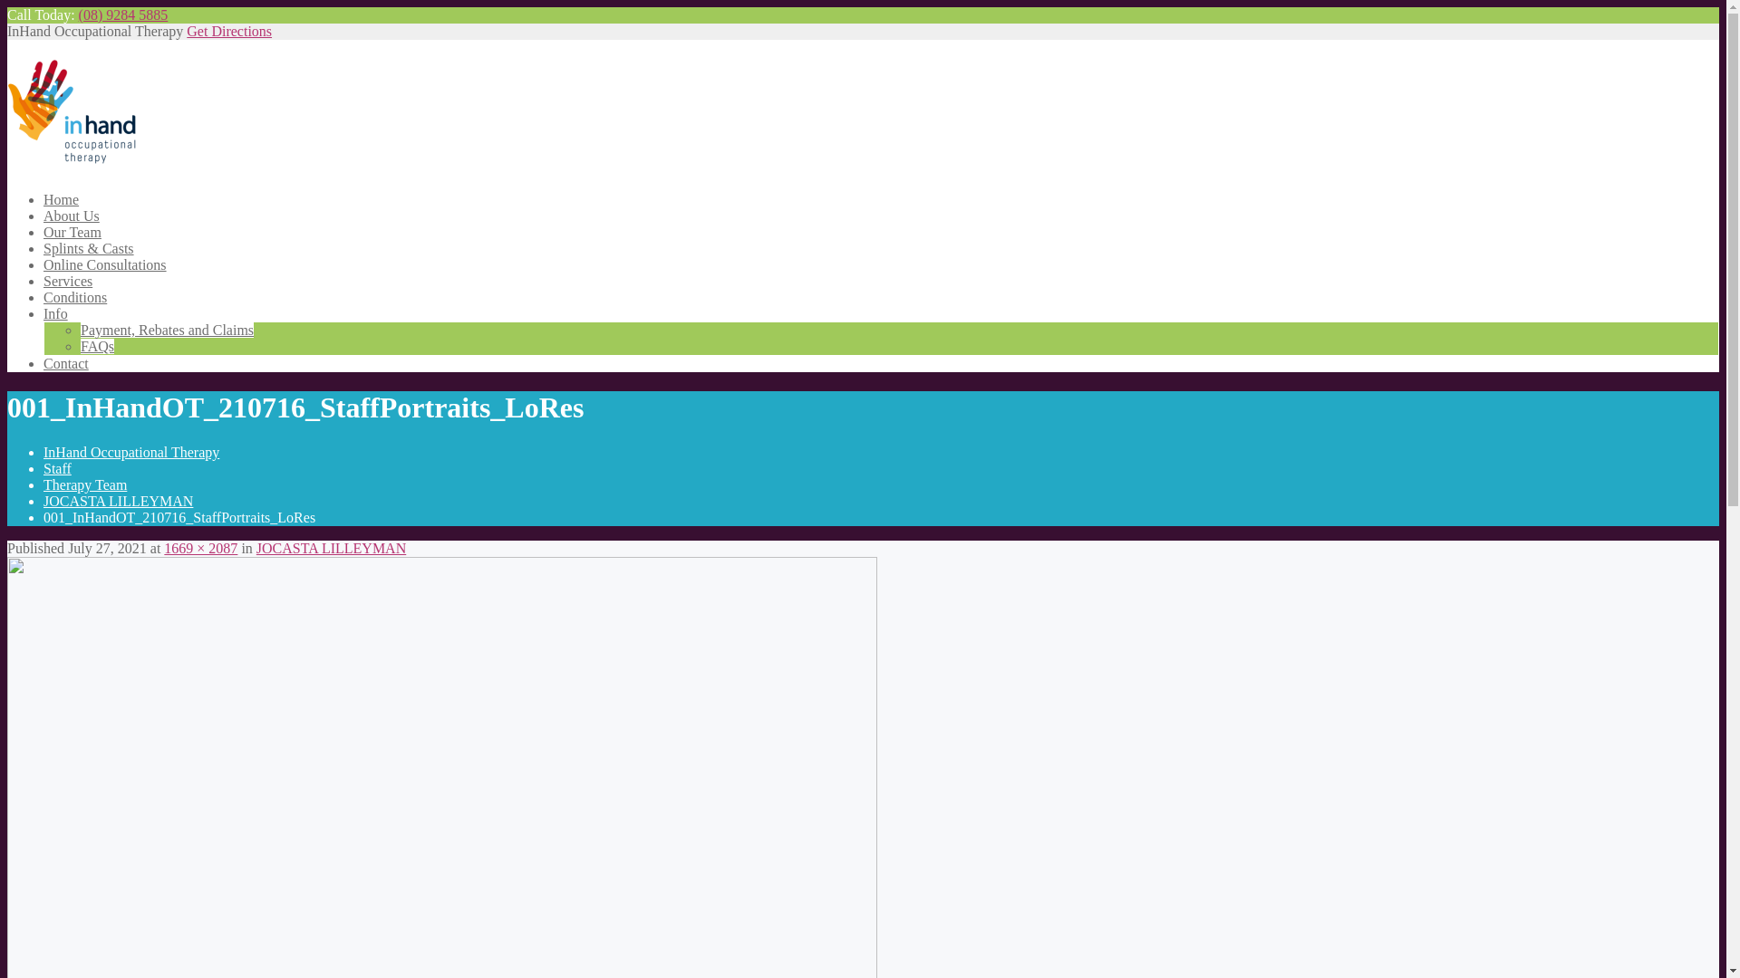  I want to click on 'Online Consultations', so click(103, 264).